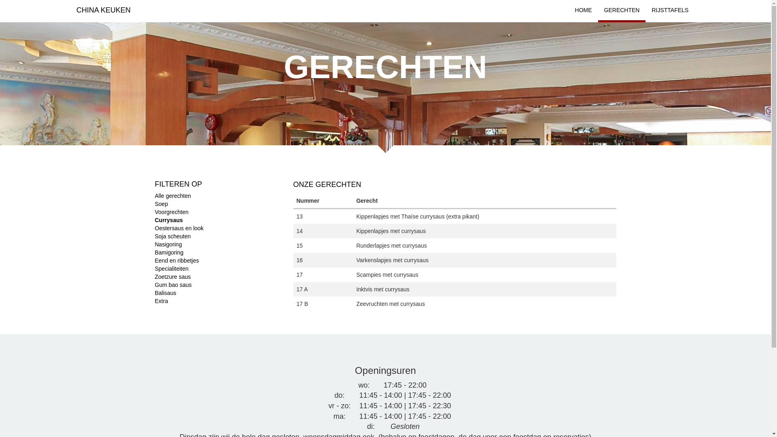  Describe the element at coordinates (621, 10) in the screenshot. I see `'GERECHTEN'` at that location.